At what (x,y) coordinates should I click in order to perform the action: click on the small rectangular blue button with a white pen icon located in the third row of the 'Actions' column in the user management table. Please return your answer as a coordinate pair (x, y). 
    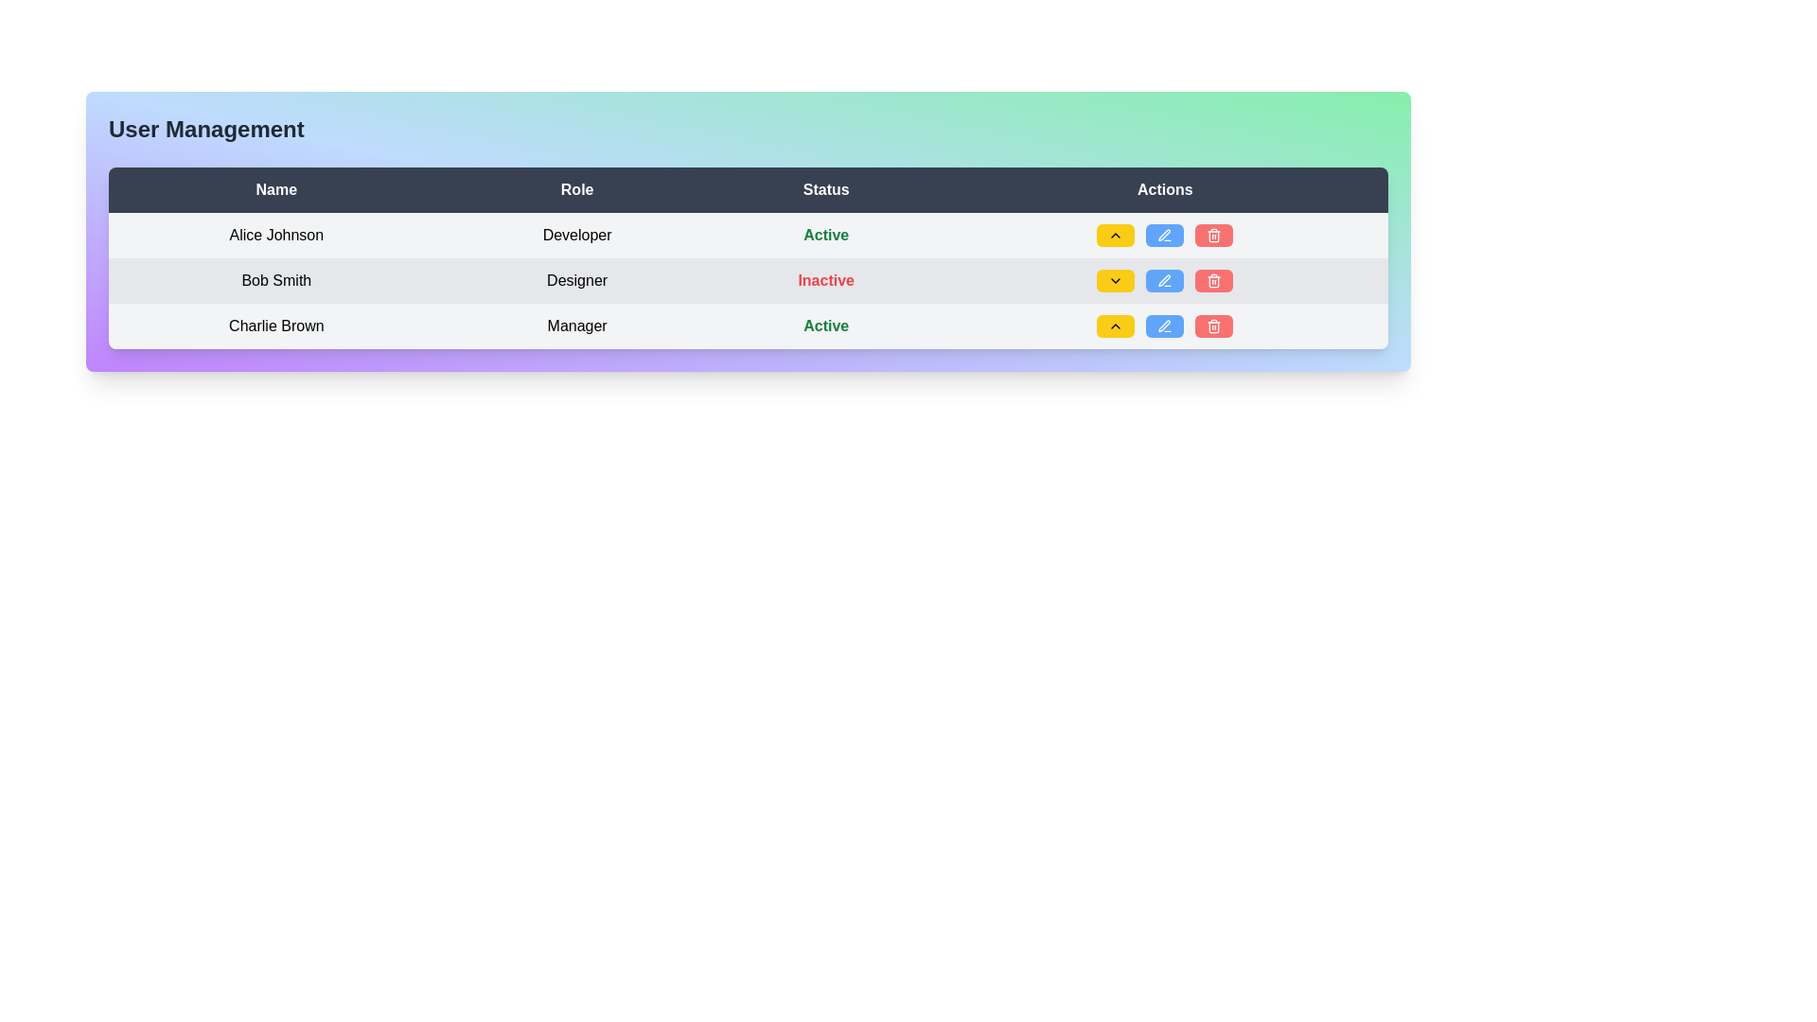
    Looking at the image, I should click on (1164, 281).